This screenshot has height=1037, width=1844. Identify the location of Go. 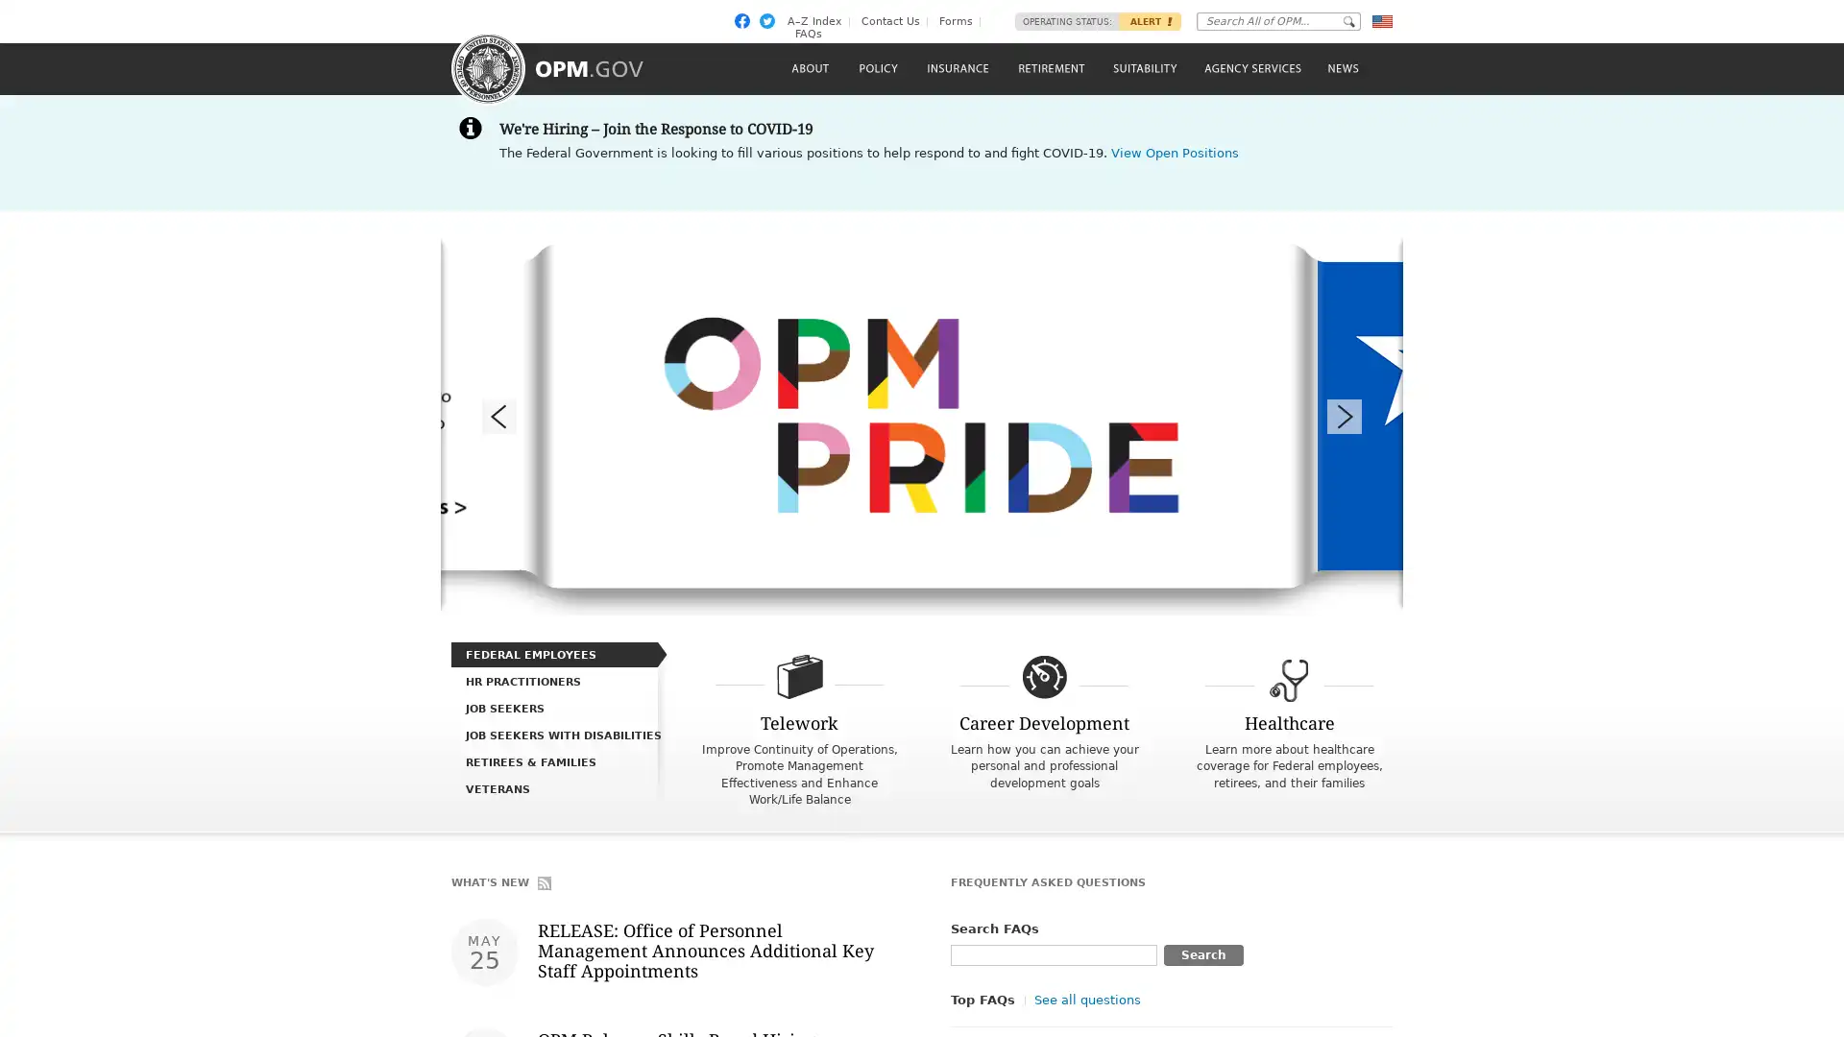
(1348, 21).